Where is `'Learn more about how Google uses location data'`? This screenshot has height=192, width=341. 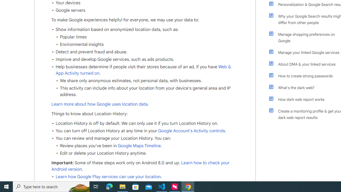 'Learn more about how Google uses location data' is located at coordinates (99, 104).